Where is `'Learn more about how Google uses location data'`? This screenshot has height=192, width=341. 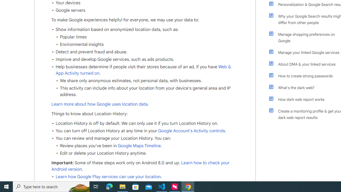 'Learn more about how Google uses location data' is located at coordinates (99, 104).